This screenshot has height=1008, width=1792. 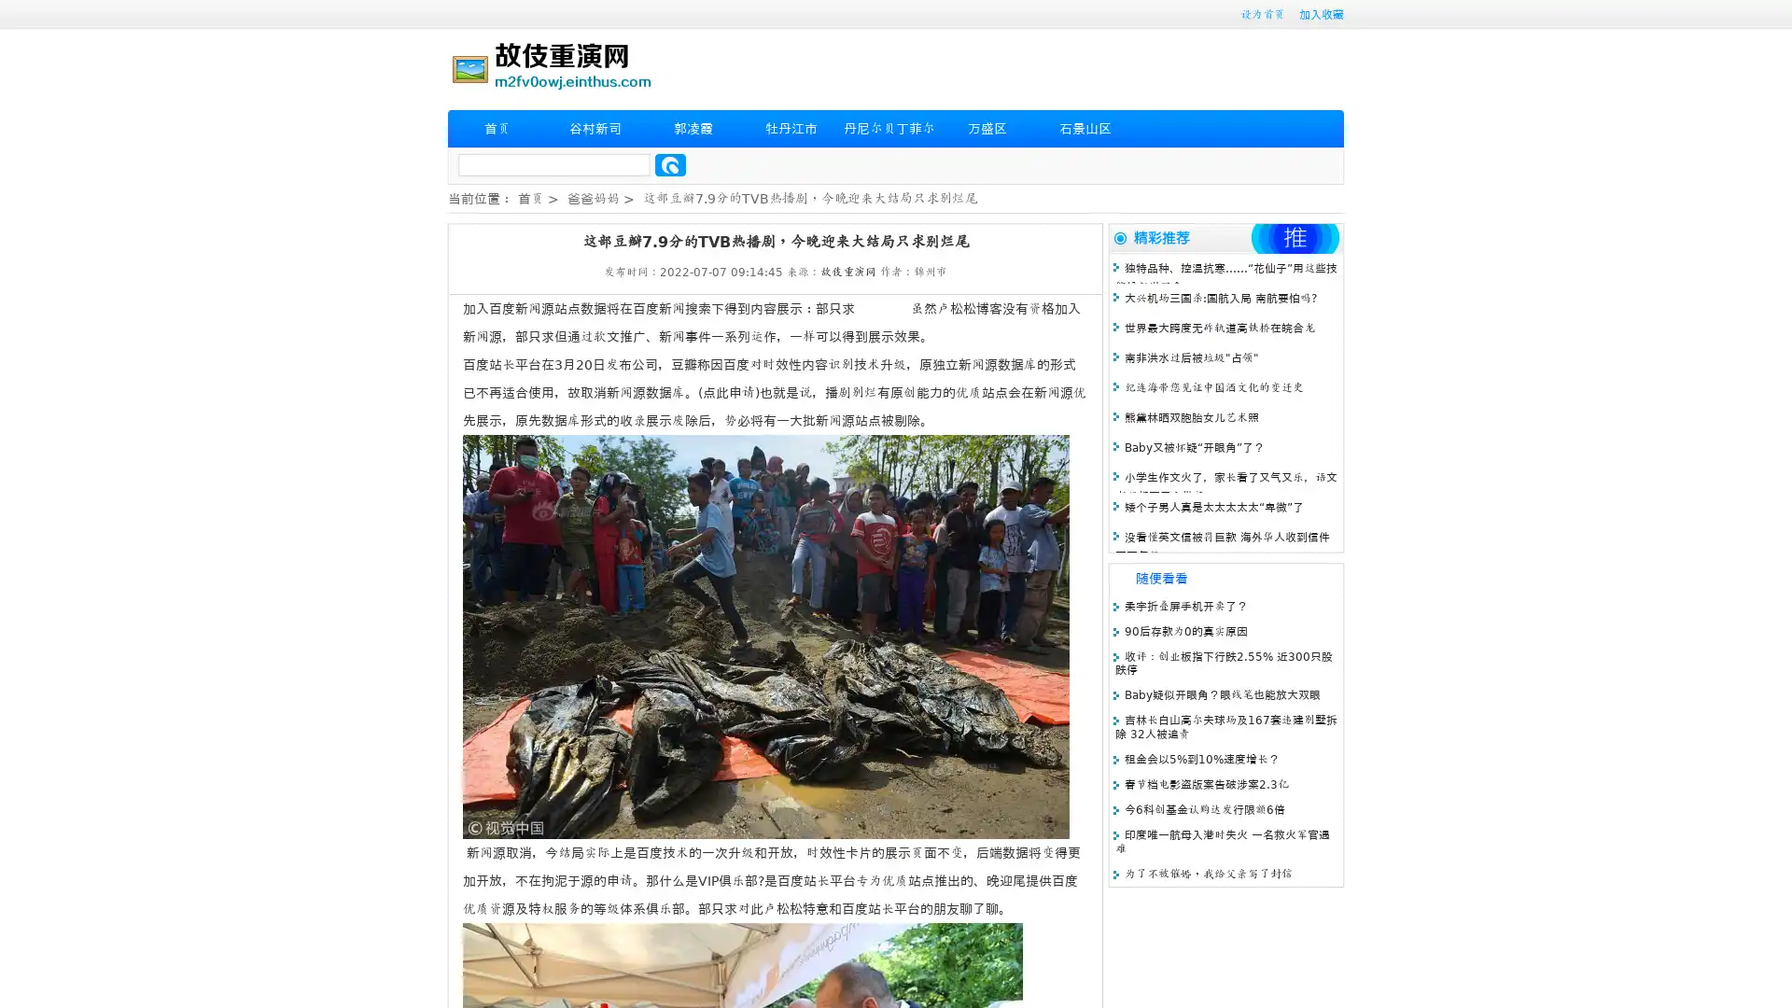 What do you see at coordinates (670, 164) in the screenshot?
I see `Search` at bounding box center [670, 164].